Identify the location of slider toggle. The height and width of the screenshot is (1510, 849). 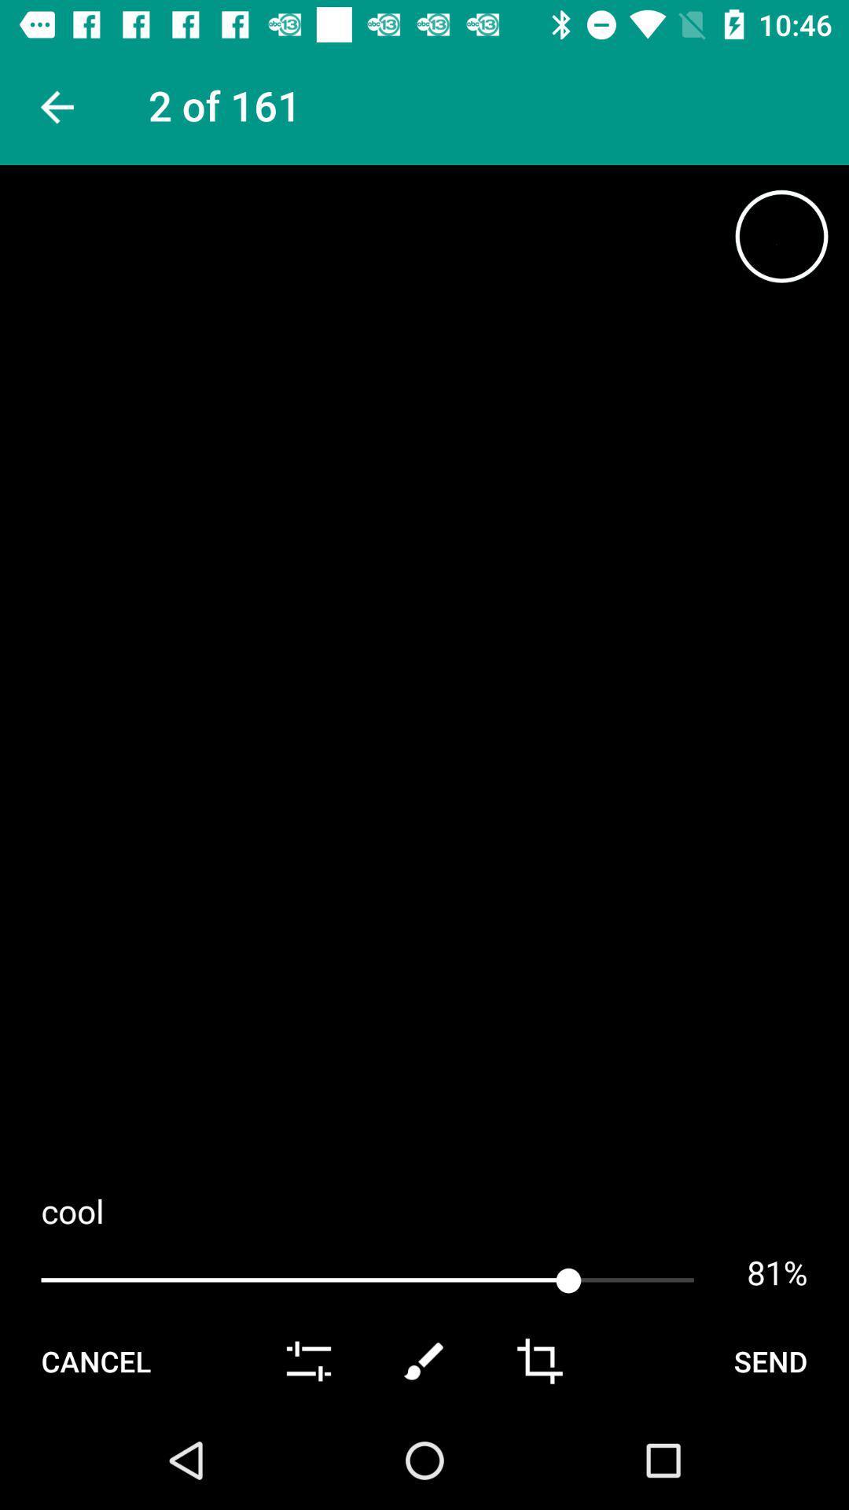
(309, 1361).